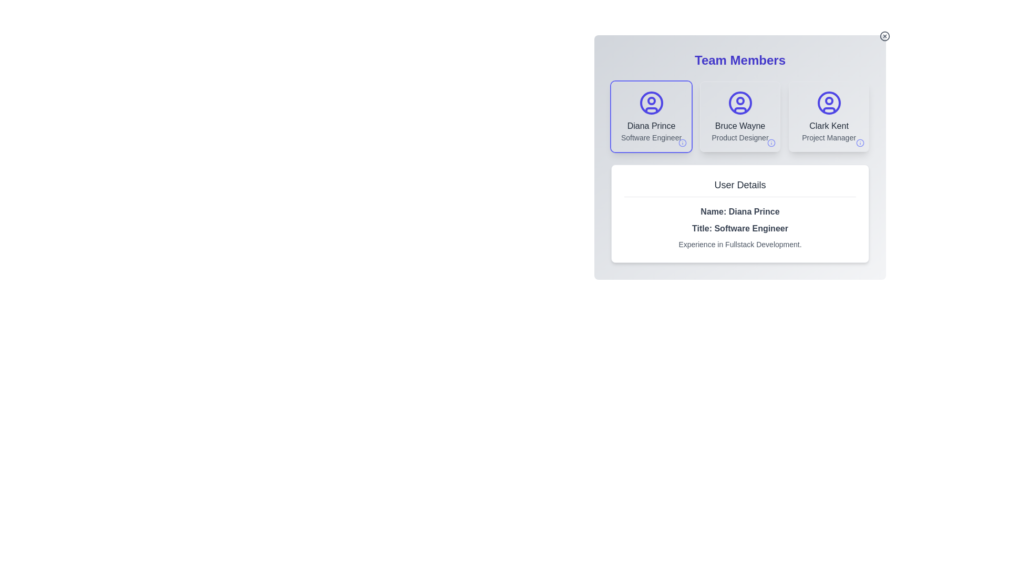 The height and width of the screenshot is (568, 1009). Describe the element at coordinates (683, 143) in the screenshot. I see `the blue-bordered circle located within the card labeled 'Diana Prince Software Engineer' at the bottom right corner` at that location.